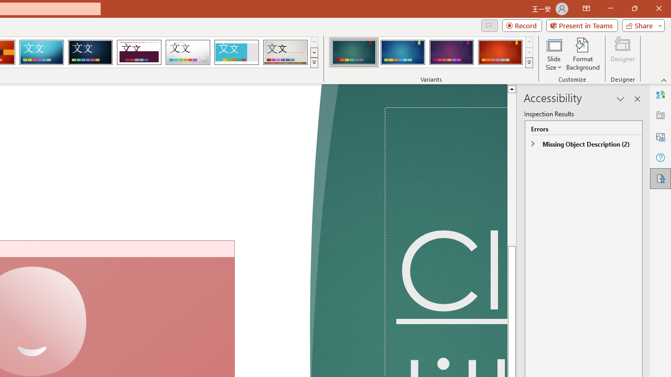  What do you see at coordinates (500, 52) in the screenshot?
I see `'Ion Variant 4'` at bounding box center [500, 52].